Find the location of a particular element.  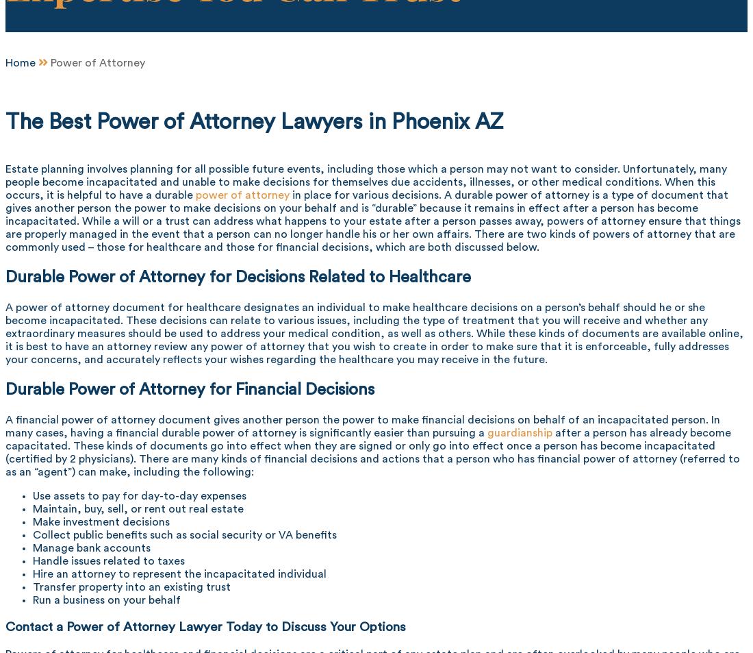

'Make investment decisions' is located at coordinates (31, 521).